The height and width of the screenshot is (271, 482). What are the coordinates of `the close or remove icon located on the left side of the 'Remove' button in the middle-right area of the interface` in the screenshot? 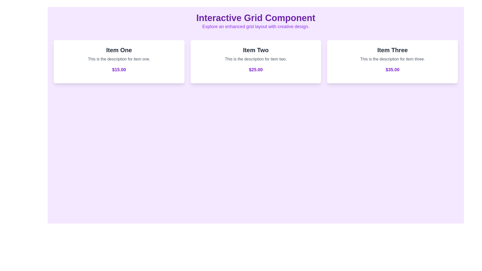 It's located at (401, 61).